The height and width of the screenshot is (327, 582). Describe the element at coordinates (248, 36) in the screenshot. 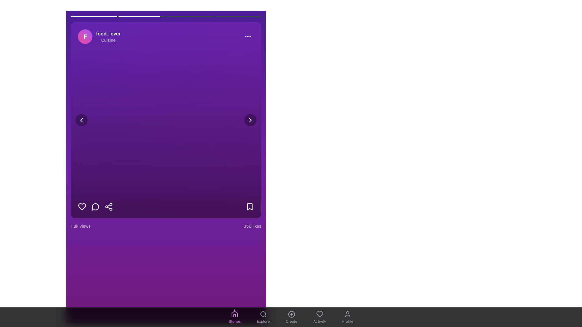

I see `the circular button with a white triple-dot icon on a purple background located at the top-right corner of the card` at that location.